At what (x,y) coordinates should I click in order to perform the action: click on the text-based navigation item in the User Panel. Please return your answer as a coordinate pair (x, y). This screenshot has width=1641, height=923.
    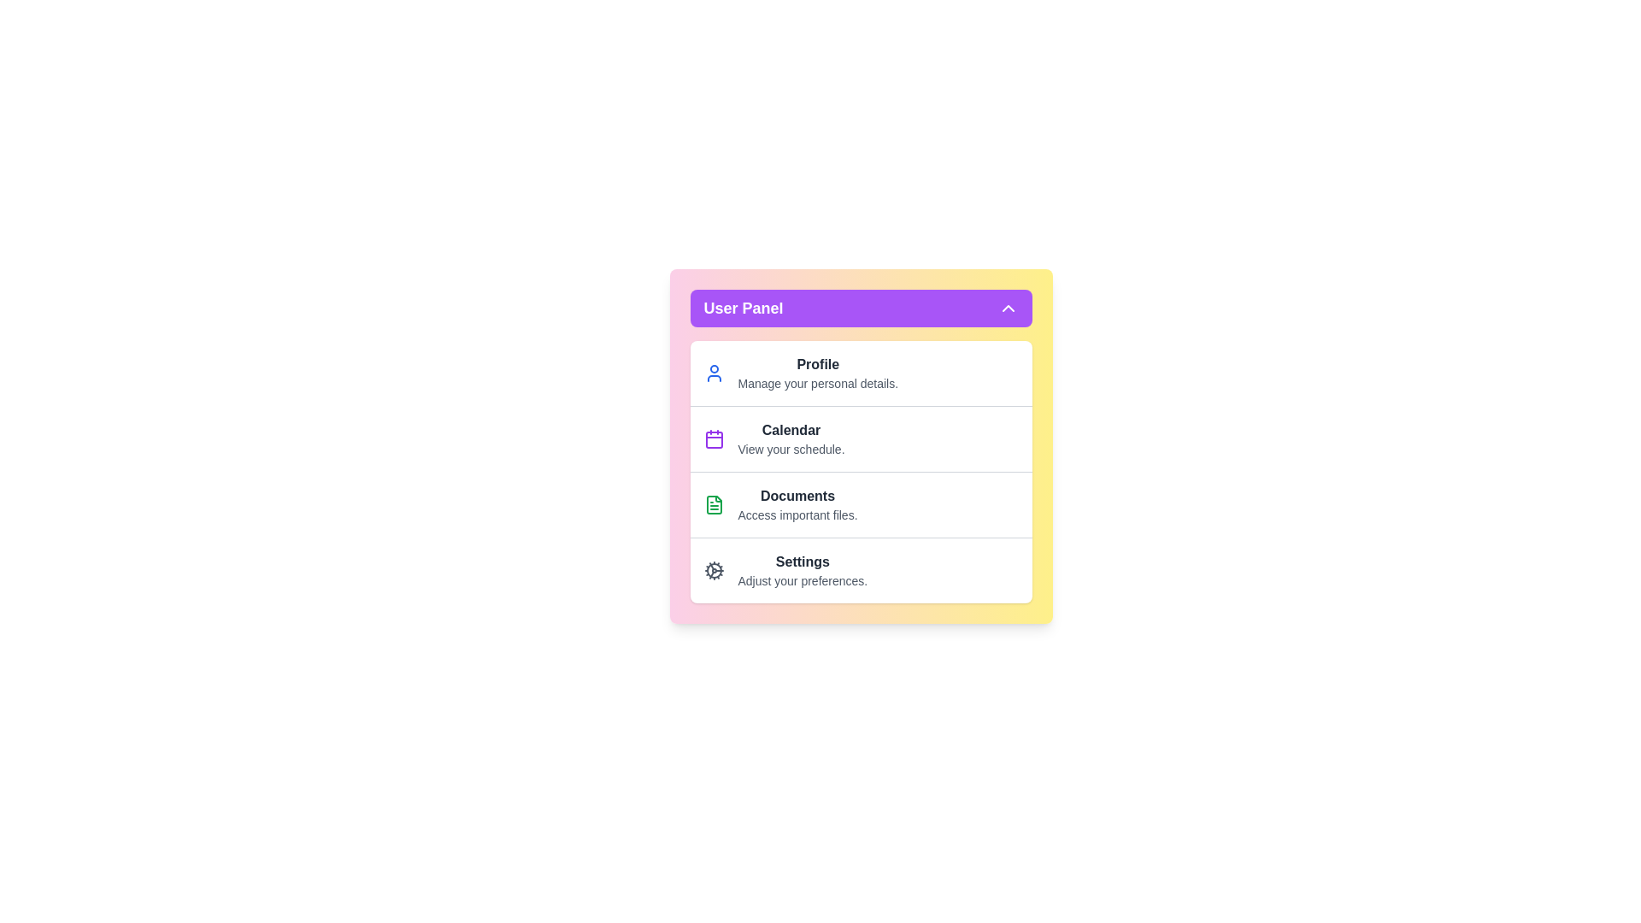
    Looking at the image, I should click on (797, 503).